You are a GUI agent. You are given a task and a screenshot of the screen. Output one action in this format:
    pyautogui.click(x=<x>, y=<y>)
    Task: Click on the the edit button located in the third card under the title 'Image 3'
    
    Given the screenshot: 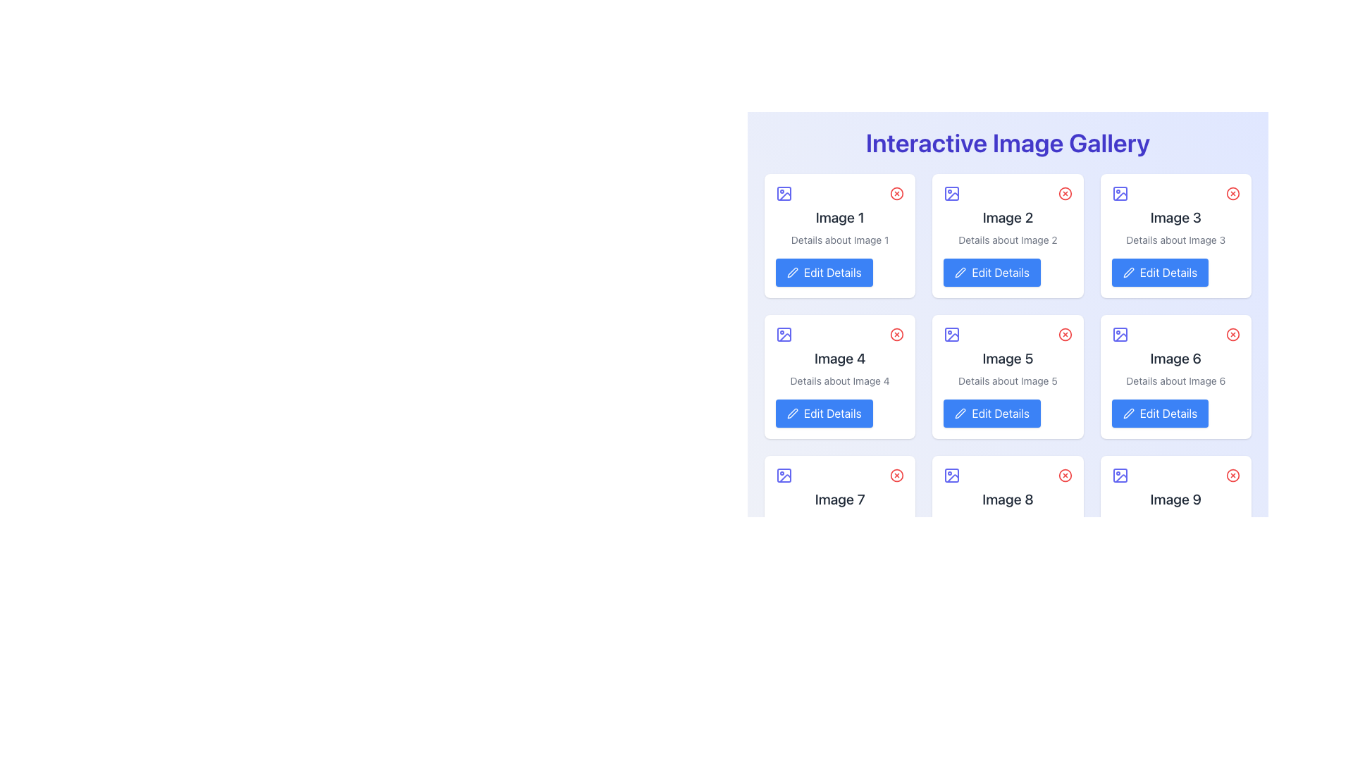 What is the action you would take?
    pyautogui.click(x=1160, y=272)
    